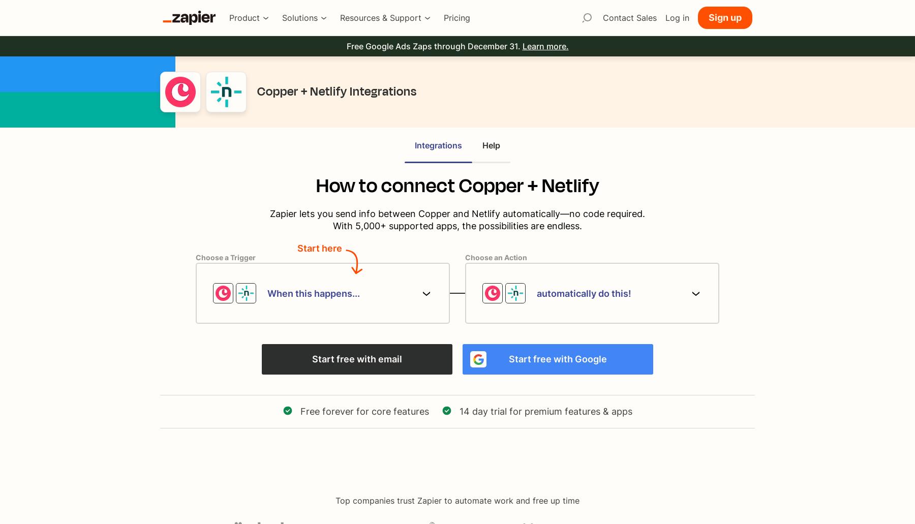 The image size is (915, 524). Describe the element at coordinates (522, 46) in the screenshot. I see `'Learn more.'` at that location.